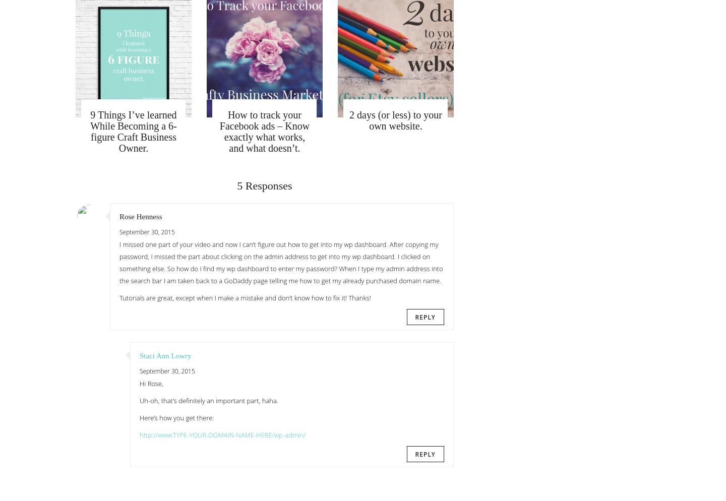 The height and width of the screenshot is (501, 726). I want to click on '2 days (or less) to your own website.', so click(395, 120).